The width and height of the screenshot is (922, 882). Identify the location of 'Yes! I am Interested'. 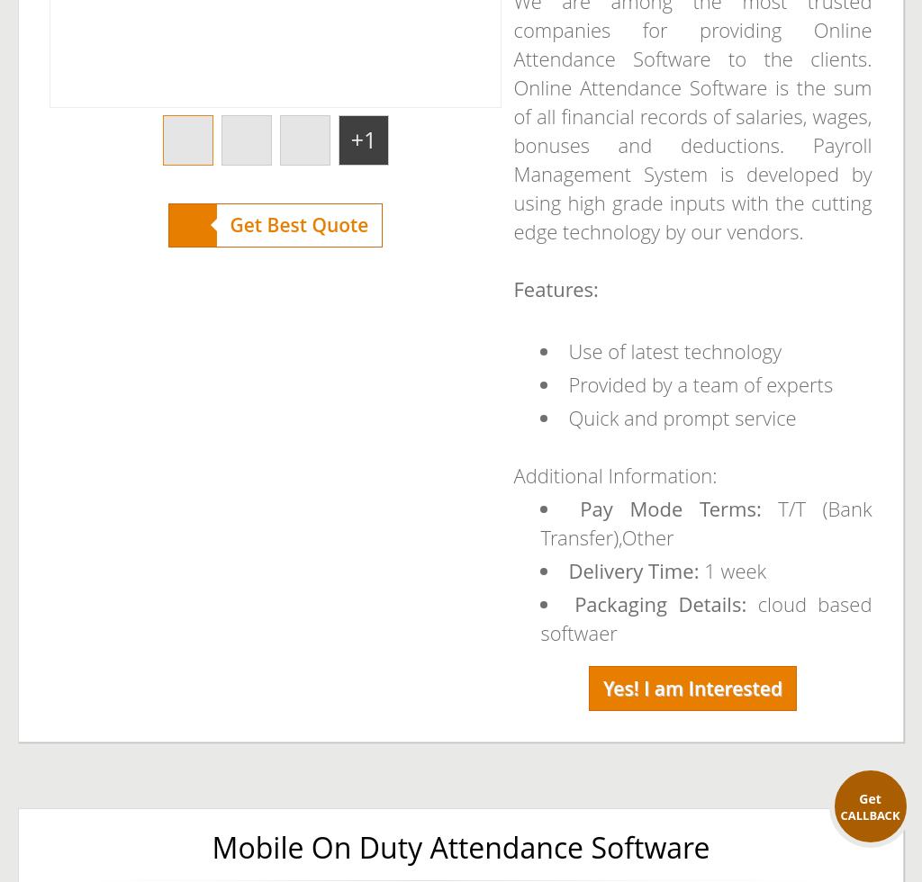
(601, 688).